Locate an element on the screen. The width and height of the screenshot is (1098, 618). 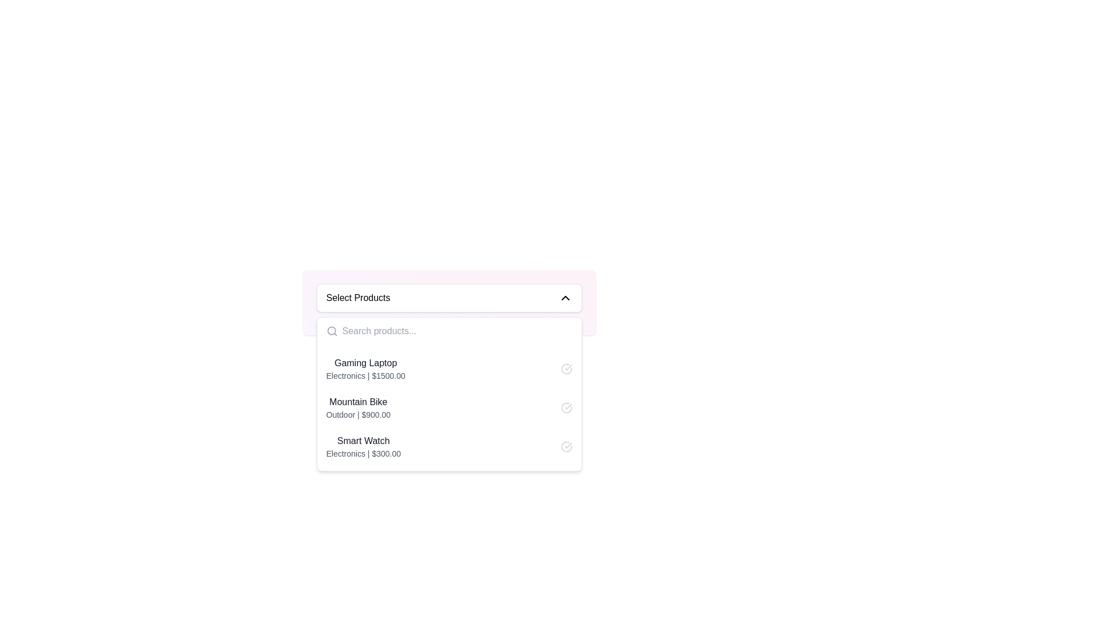
the list item displaying 'Mountain Bike' with pricing information is located at coordinates (357, 407).